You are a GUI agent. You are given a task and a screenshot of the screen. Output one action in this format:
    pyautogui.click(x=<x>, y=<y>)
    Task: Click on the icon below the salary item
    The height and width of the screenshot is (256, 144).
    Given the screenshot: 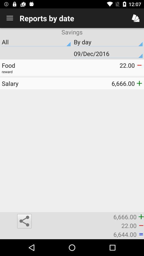 What is the action you would take?
    pyautogui.click(x=24, y=221)
    